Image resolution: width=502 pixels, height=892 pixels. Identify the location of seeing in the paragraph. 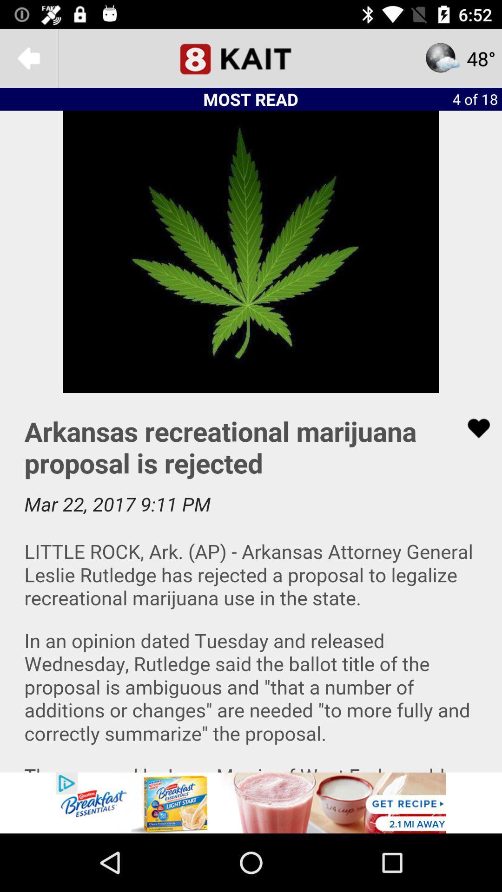
(251, 582).